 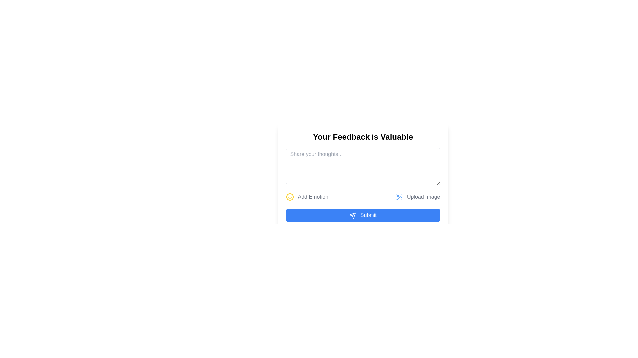 What do you see at coordinates (307, 197) in the screenshot?
I see `the 'Add Emotion' button with a yellow smiley face icon` at bounding box center [307, 197].